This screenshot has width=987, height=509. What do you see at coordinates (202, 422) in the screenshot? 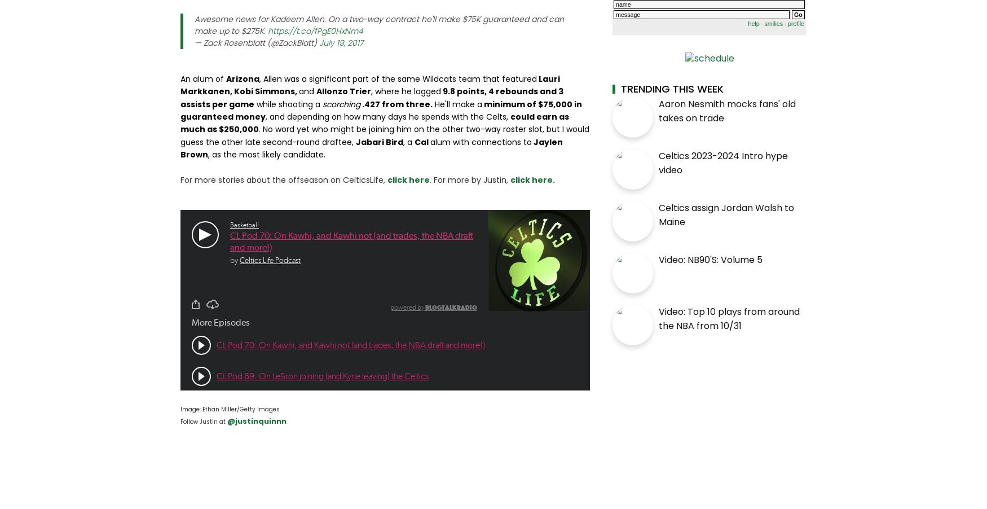
I see `'Follow Justin at'` at bounding box center [202, 422].